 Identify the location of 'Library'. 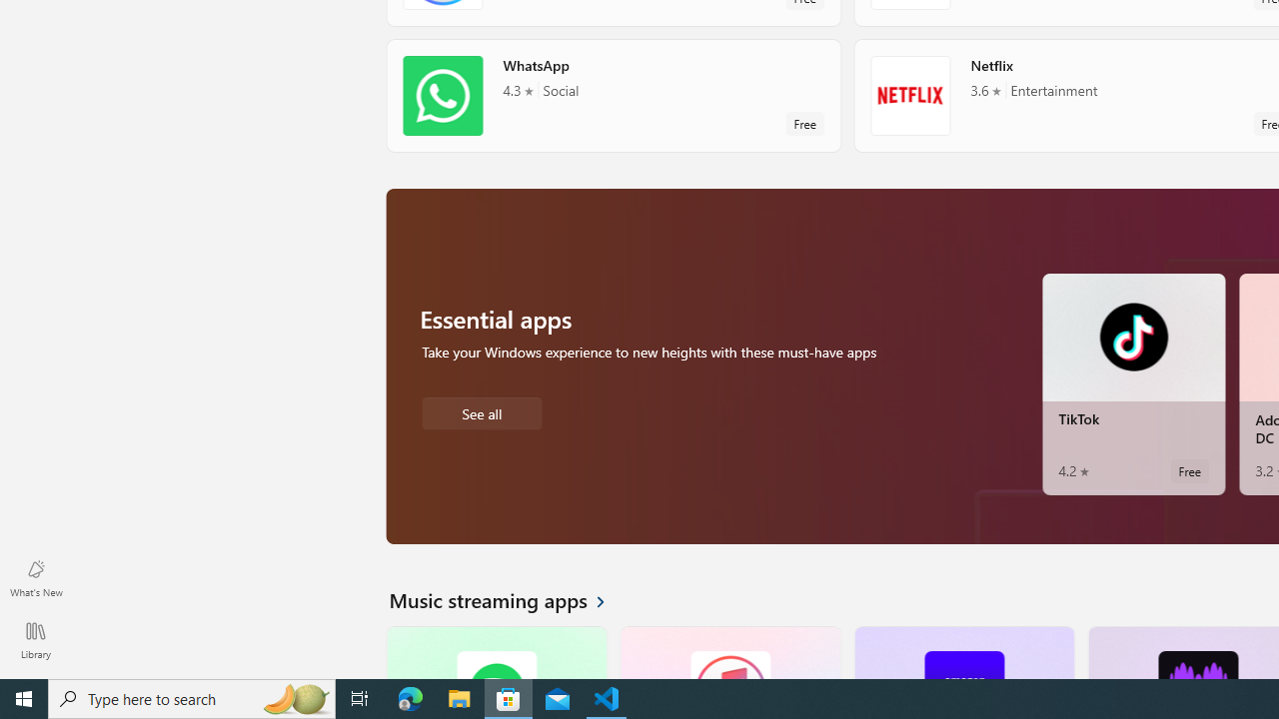
(35, 639).